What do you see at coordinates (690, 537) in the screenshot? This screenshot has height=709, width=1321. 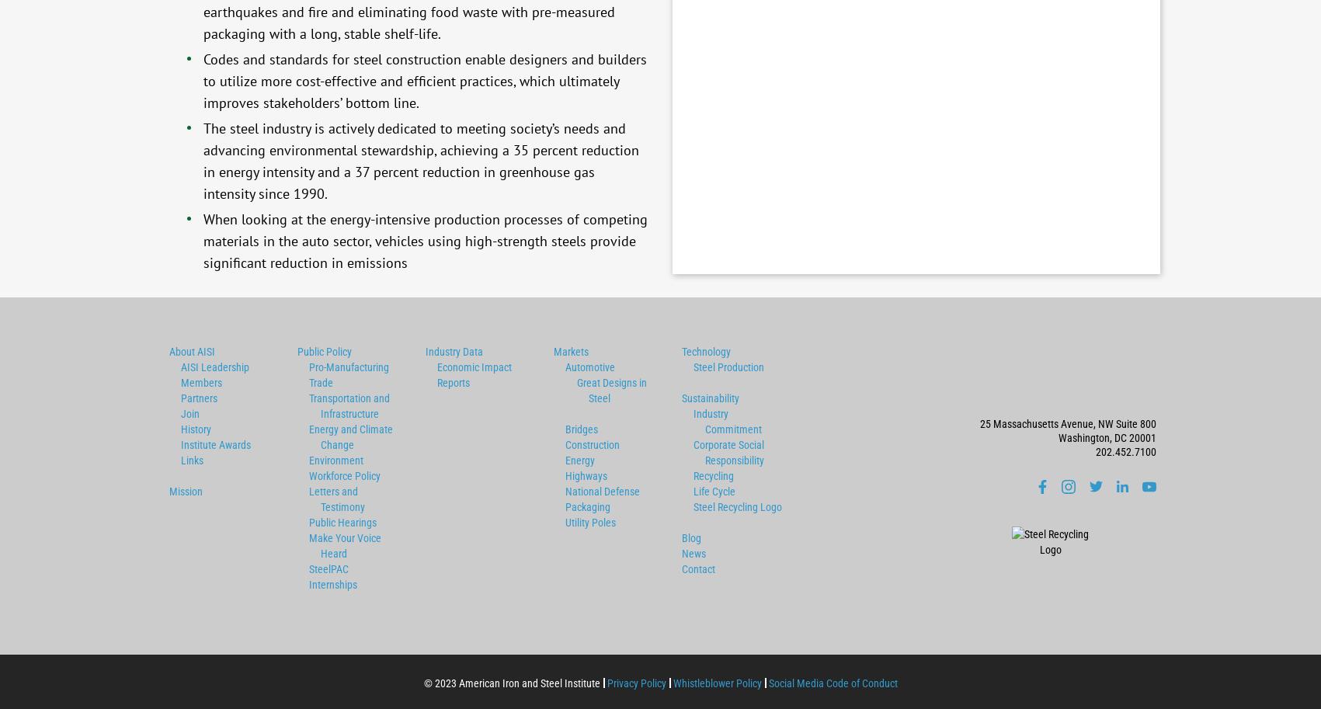 I see `'Blog'` at bounding box center [690, 537].